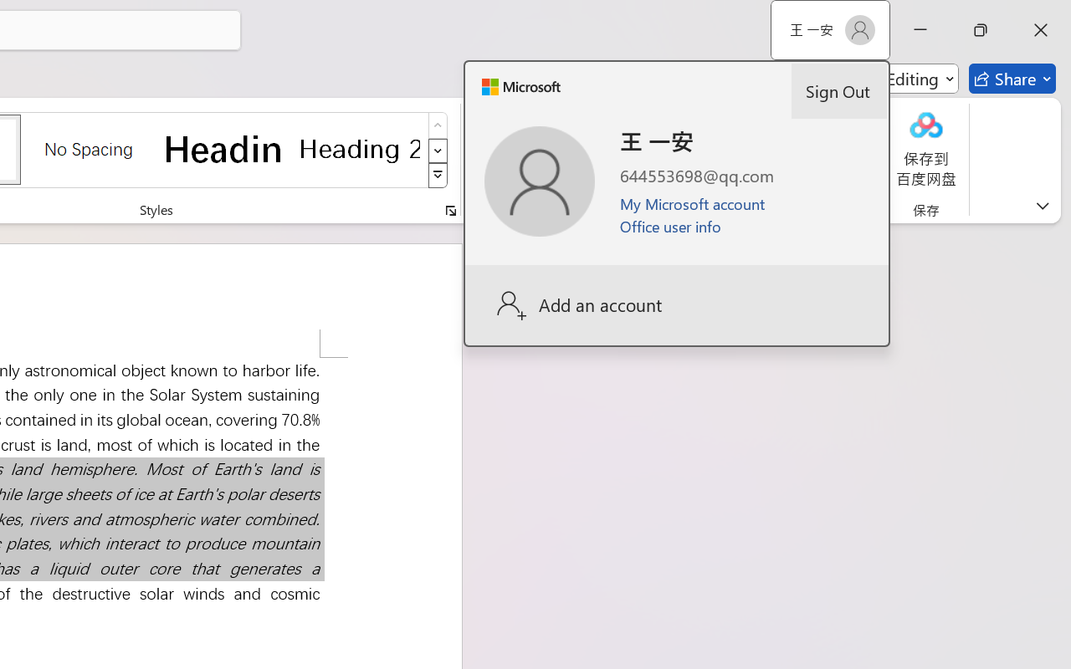 This screenshot has width=1071, height=669. I want to click on 'Row up', so click(438, 125).